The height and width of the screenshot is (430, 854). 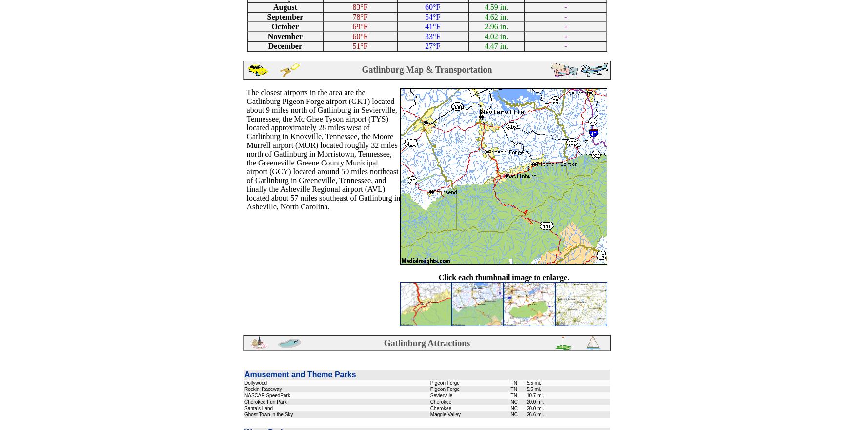 I want to click on '33°F', so click(x=432, y=36).